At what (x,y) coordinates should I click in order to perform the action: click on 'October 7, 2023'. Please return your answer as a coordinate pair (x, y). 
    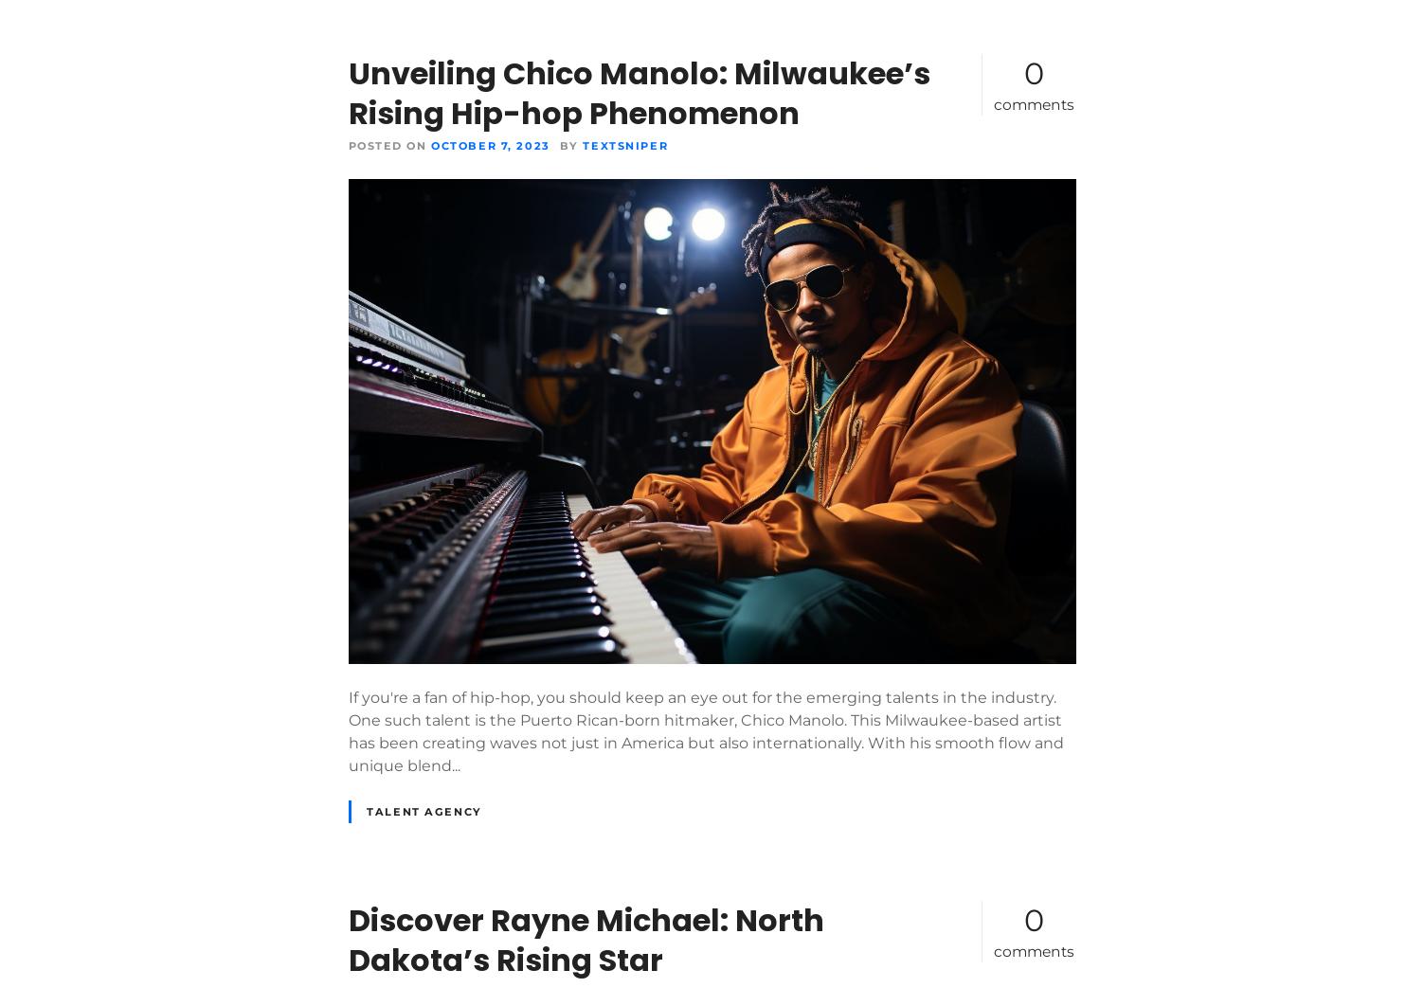
    Looking at the image, I should click on (490, 144).